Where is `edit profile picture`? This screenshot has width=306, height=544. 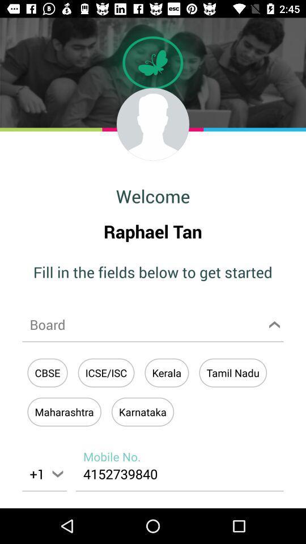
edit profile picture is located at coordinates (153, 124).